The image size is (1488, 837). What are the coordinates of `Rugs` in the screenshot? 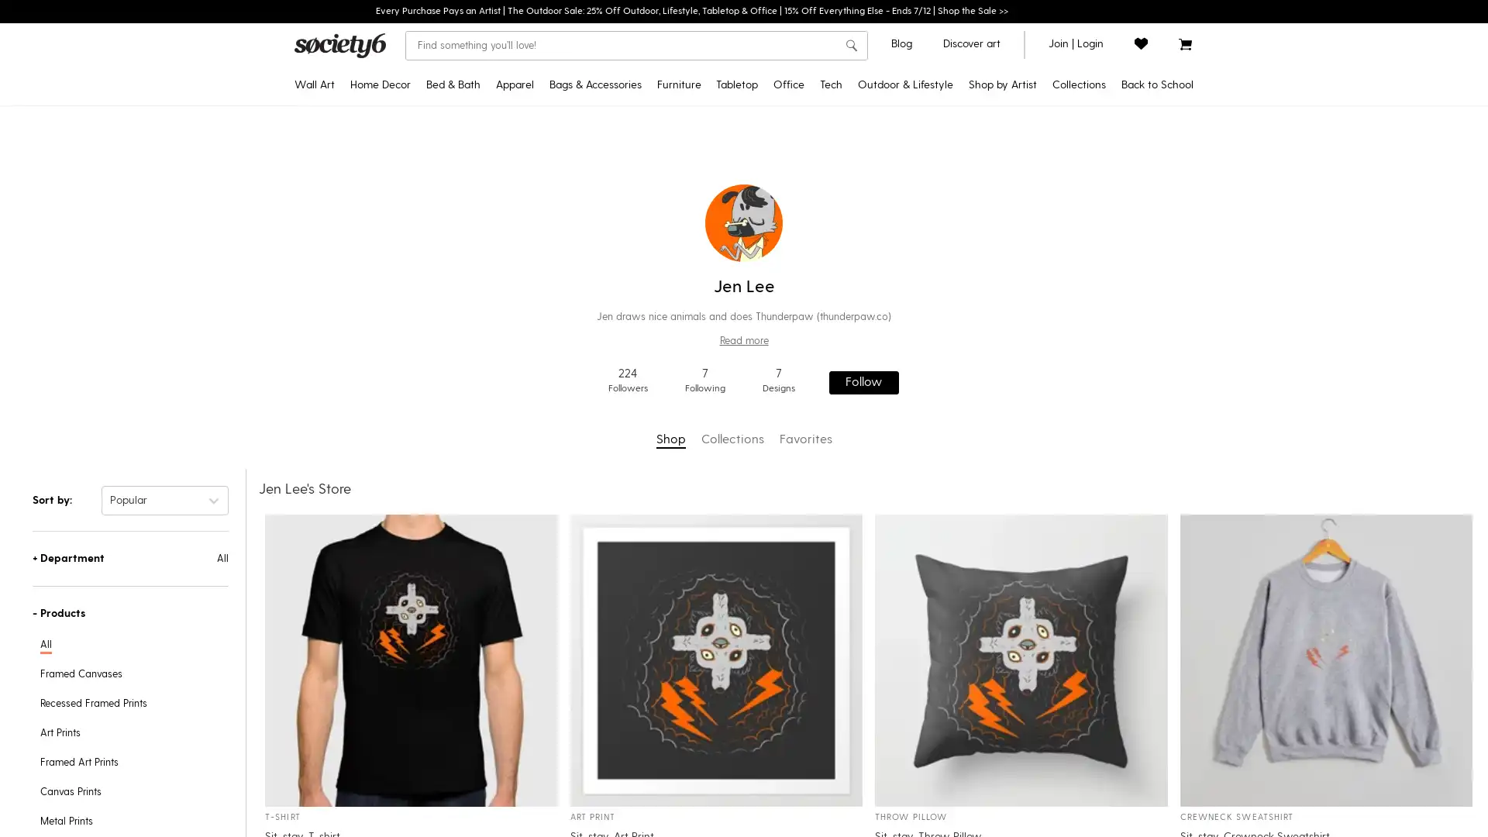 It's located at (409, 322).